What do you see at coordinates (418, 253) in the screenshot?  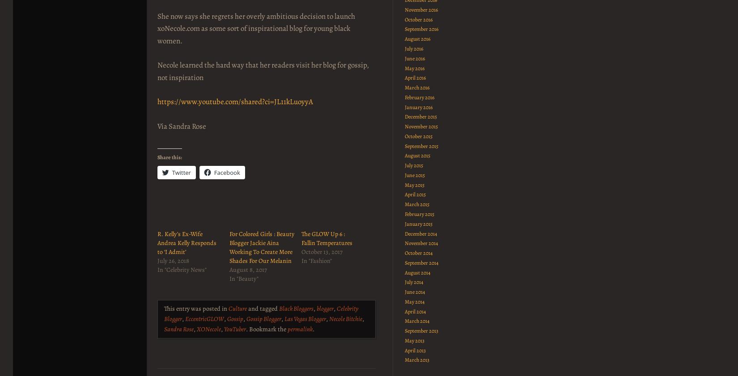 I see `'October 2014'` at bounding box center [418, 253].